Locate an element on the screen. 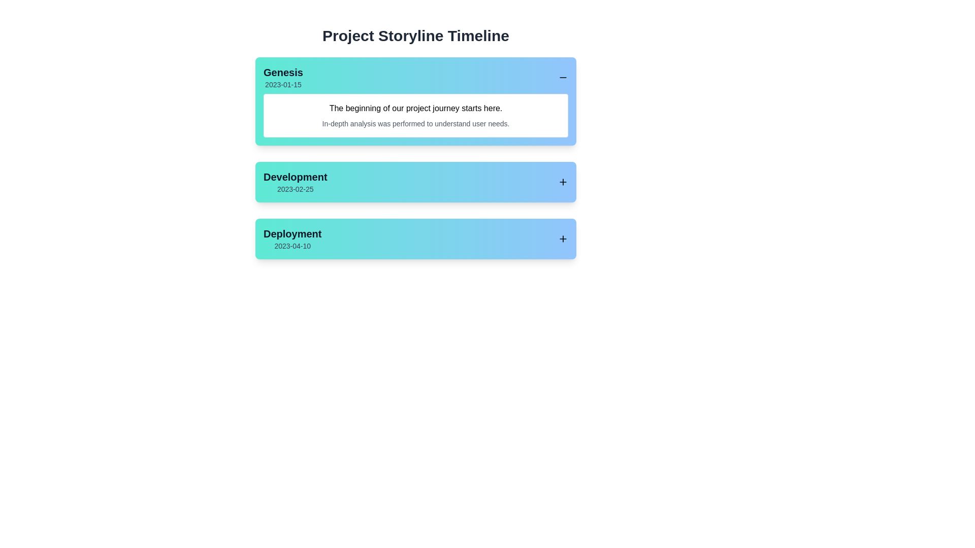 This screenshot has width=975, height=548. the text from the horizontally centered text block reading 'The beginning of our project journey starts here.' located in the 'Genesis' section of the timeline card is located at coordinates (416, 108).